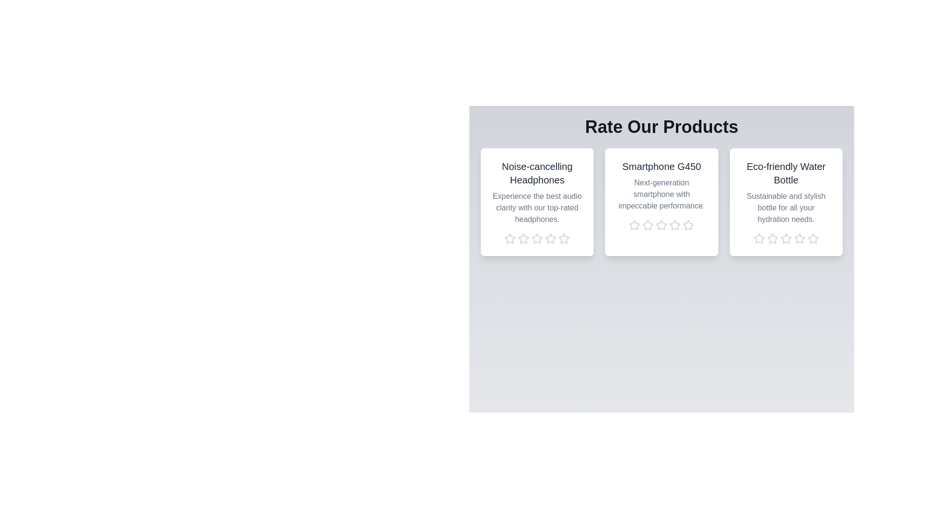 This screenshot has height=520, width=925. I want to click on the rating of the product 'Noise-cancelling Headphones' to 5 stars, so click(564, 238).